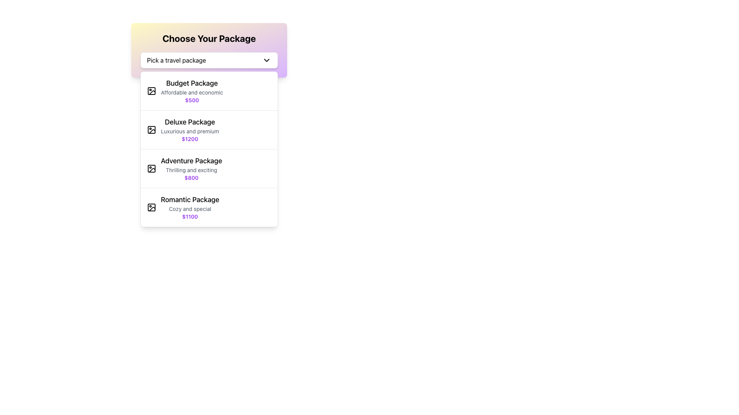 The image size is (739, 415). What do you see at coordinates (190, 121) in the screenshot?
I see `the Text Label for the 'Deluxe Package', which is the second item in the list of package options` at bounding box center [190, 121].